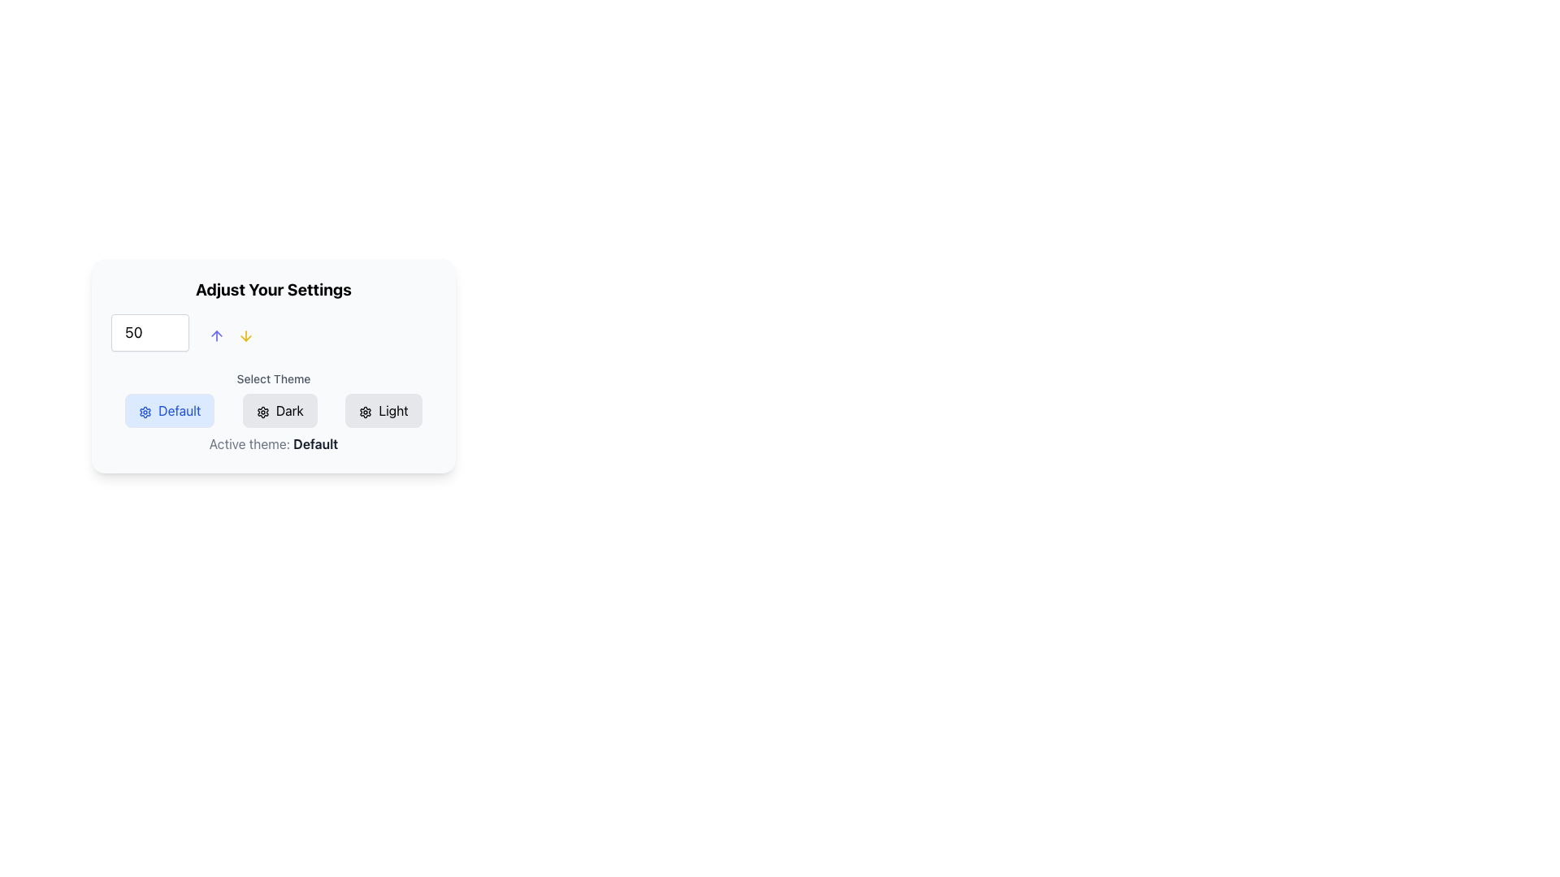 This screenshot has height=877, width=1560. What do you see at coordinates (365, 411) in the screenshot?
I see `the gear-shaped icon located to the left of the 'Light' label within the 'Select Theme' button` at bounding box center [365, 411].